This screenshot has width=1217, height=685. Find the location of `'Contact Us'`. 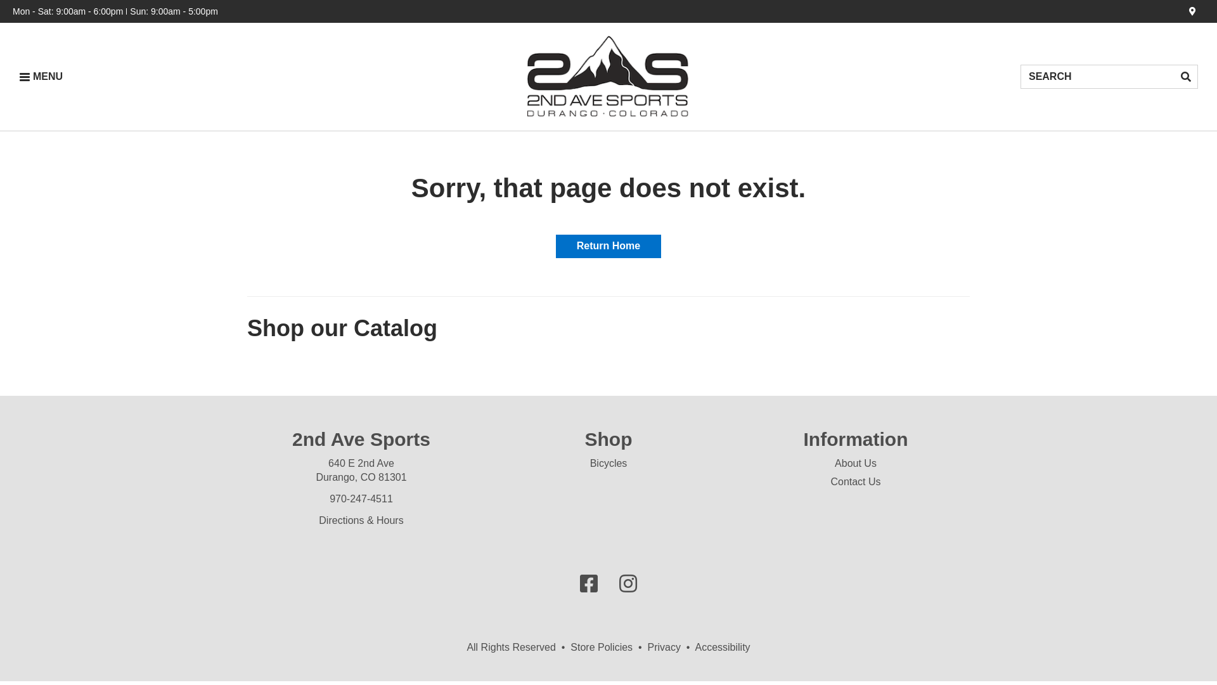

'Contact Us' is located at coordinates (855, 481).